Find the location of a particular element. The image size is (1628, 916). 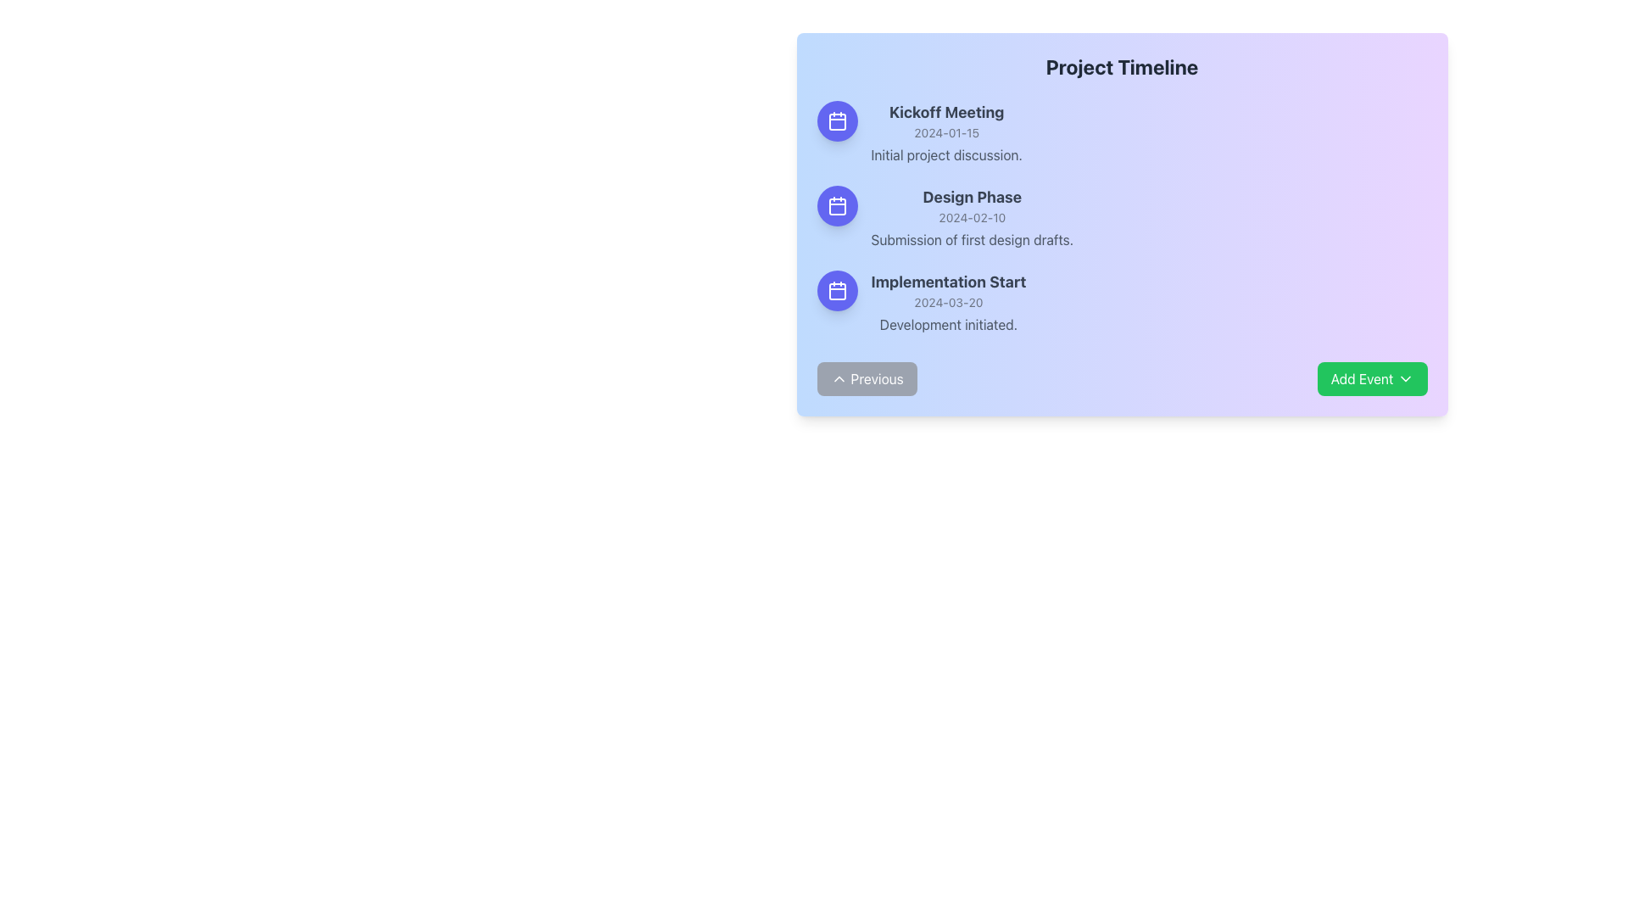

the text element reading 'Development initiated.' which is positioned below the date '2024-03-20' in the 'Implementation Start' section of the project timeline card is located at coordinates (947, 324).